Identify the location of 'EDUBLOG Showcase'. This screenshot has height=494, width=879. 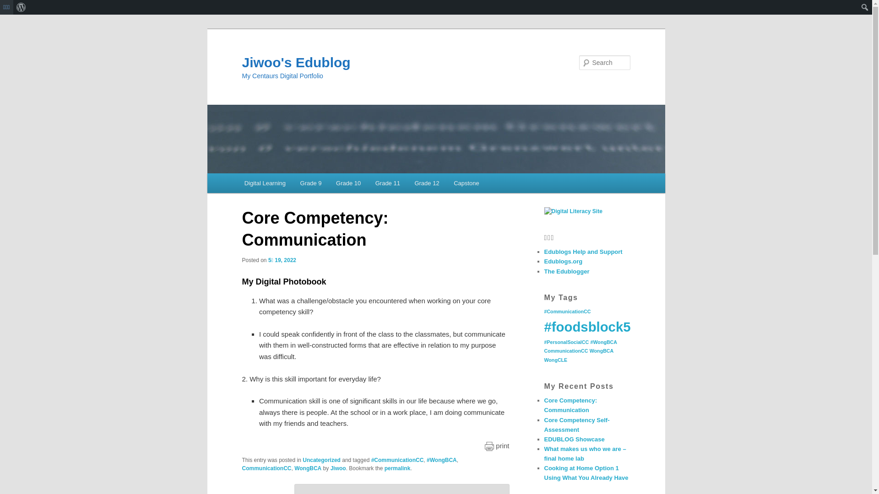
(573, 439).